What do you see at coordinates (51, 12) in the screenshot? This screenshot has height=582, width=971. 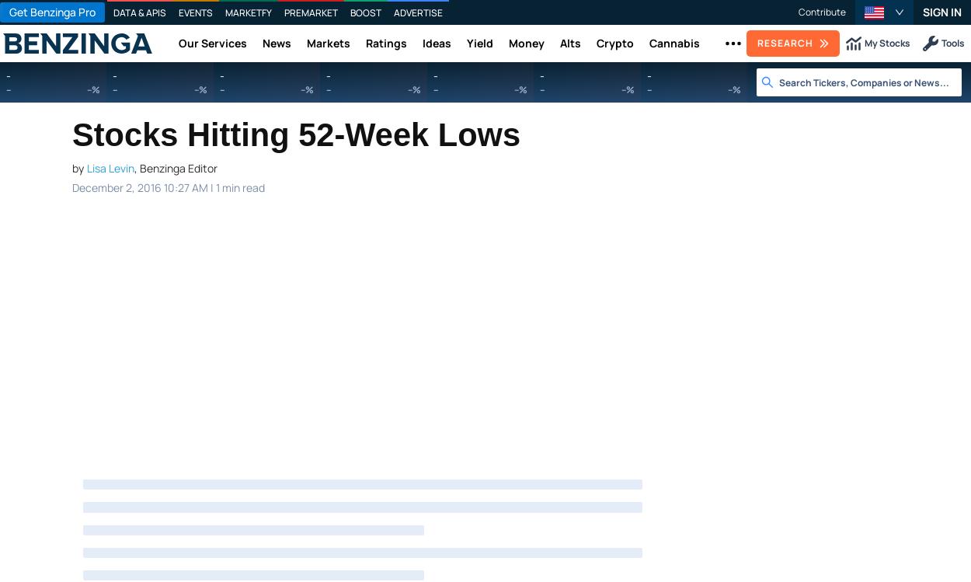 I see `'Get Benzinga Pro'` at bounding box center [51, 12].